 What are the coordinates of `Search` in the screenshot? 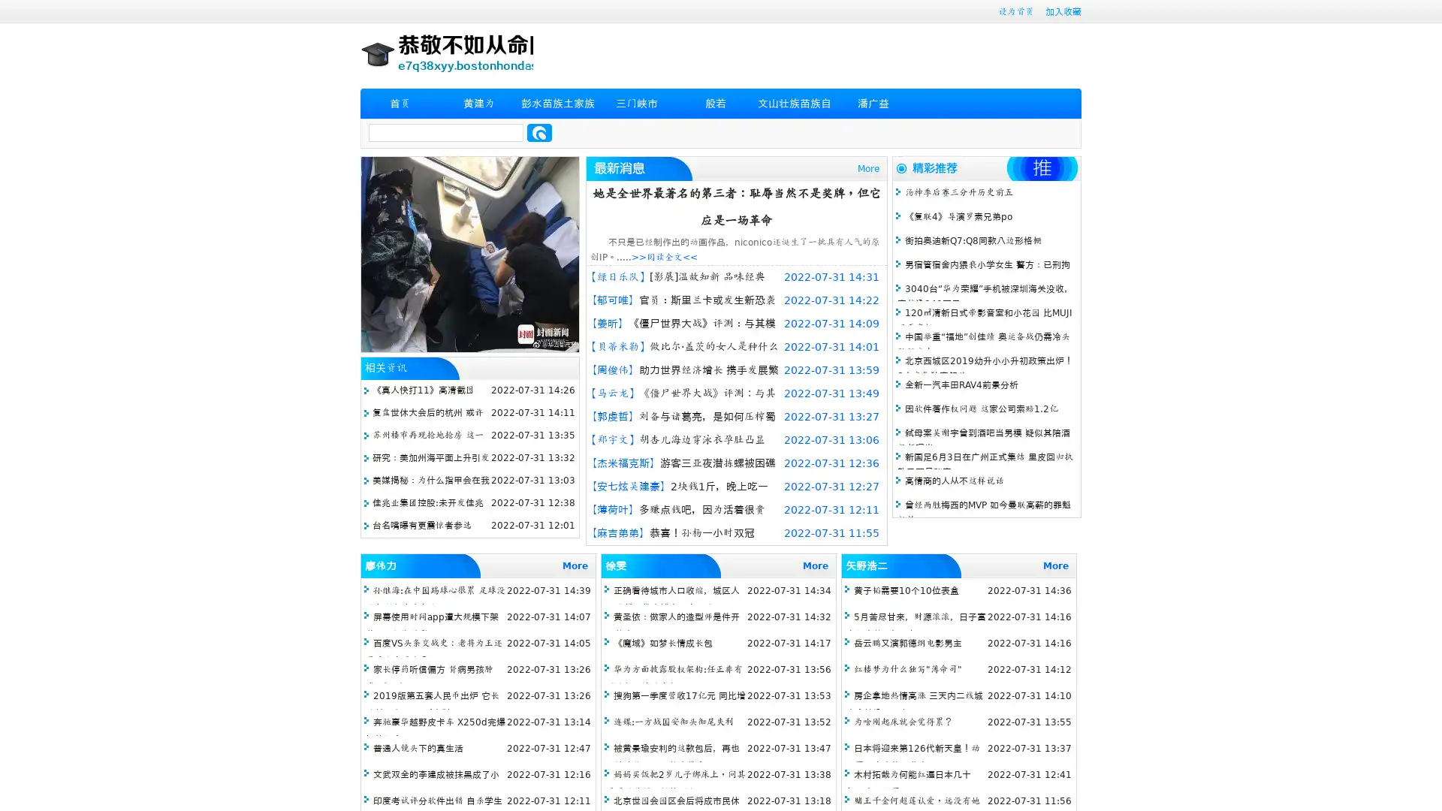 It's located at (539, 132).